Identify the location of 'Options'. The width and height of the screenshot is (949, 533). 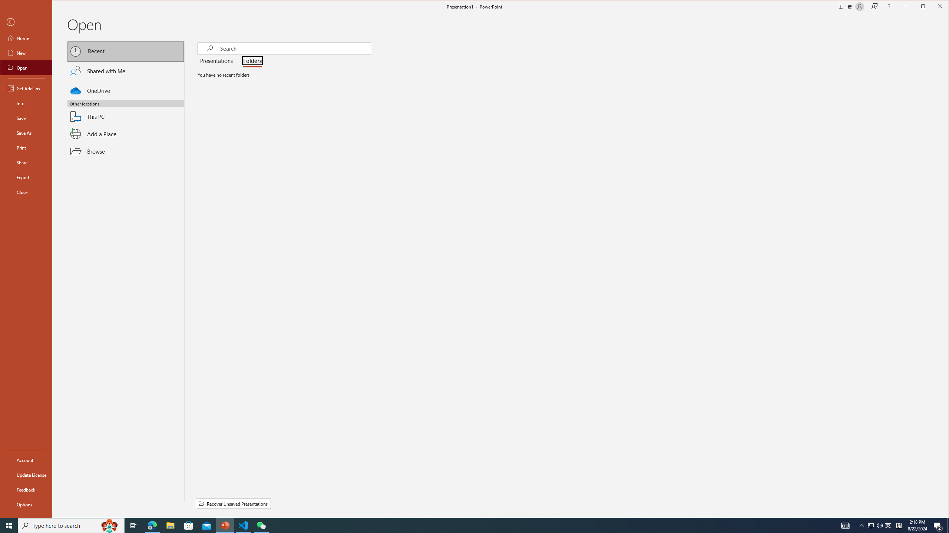
(26, 504).